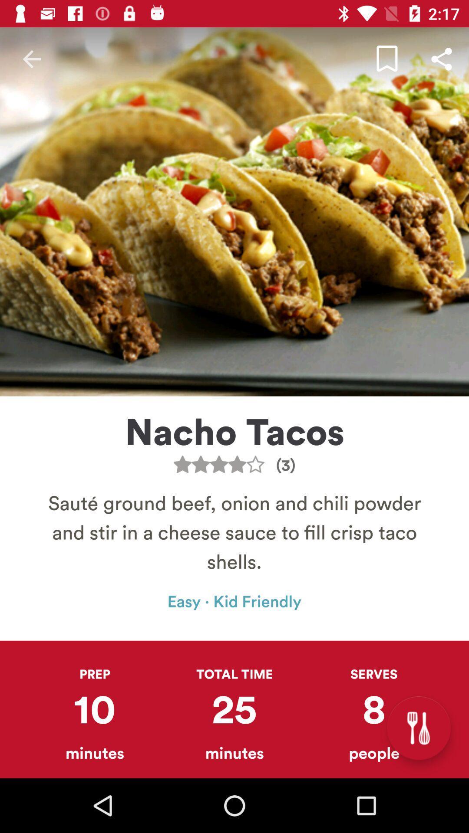 This screenshot has height=833, width=469. I want to click on the item above the nacho tacos icon, so click(442, 59).